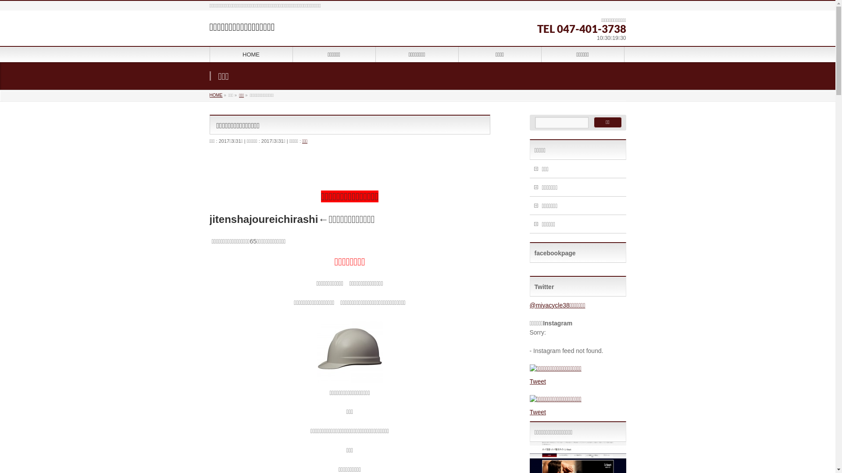 The width and height of the screenshot is (842, 473). What do you see at coordinates (537, 381) in the screenshot?
I see `'Tweet'` at bounding box center [537, 381].